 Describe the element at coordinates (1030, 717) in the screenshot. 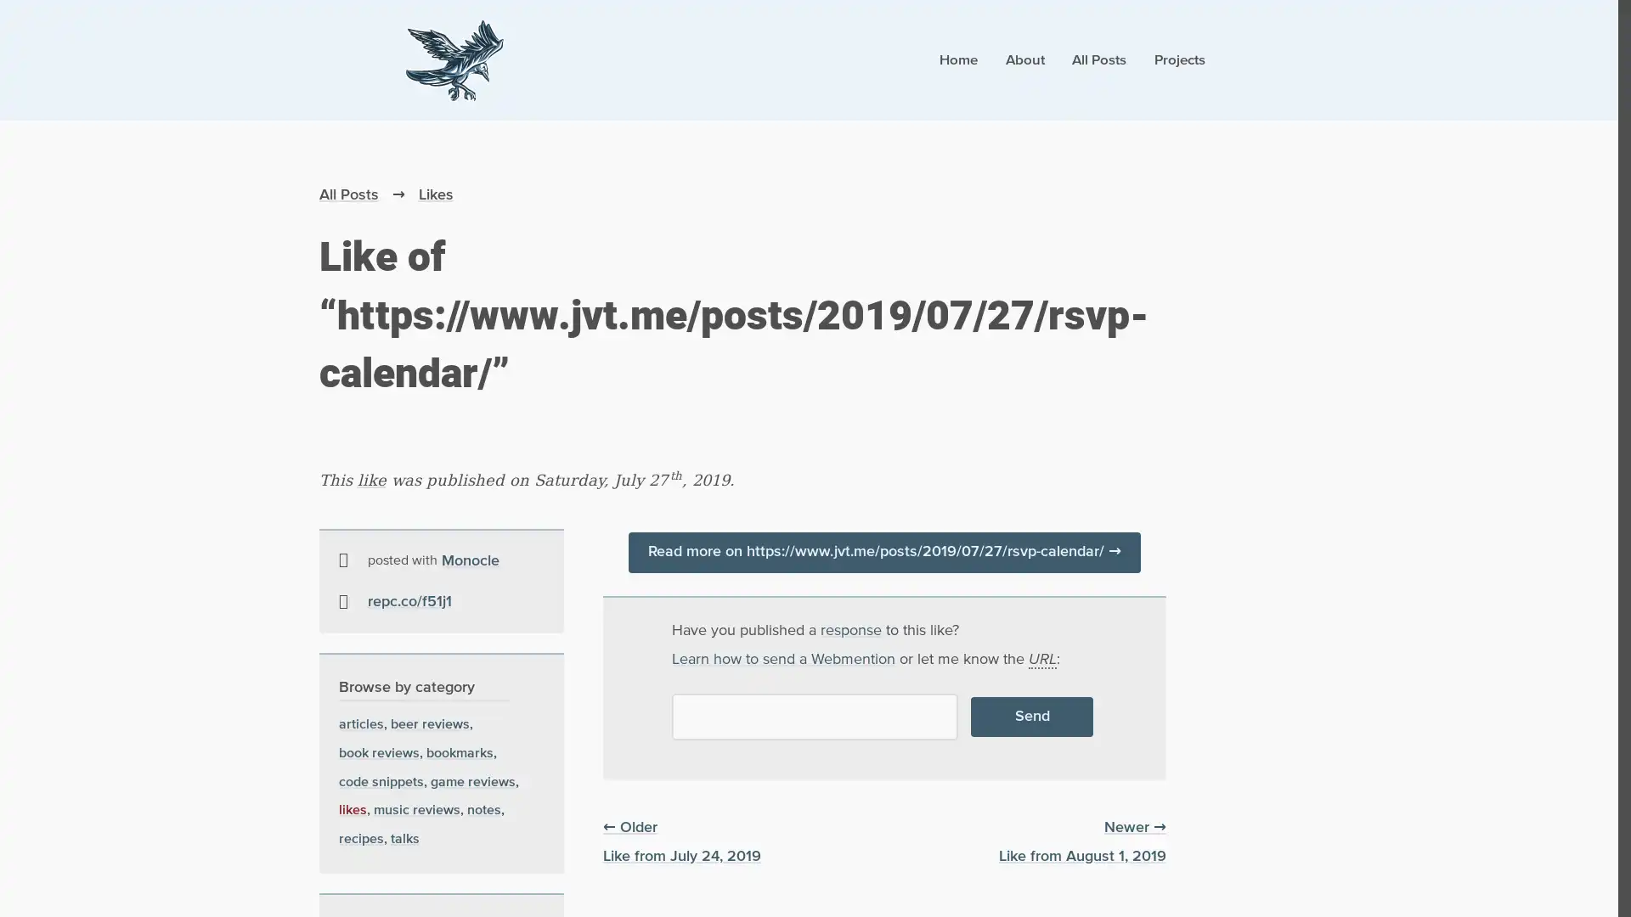

I see `Send` at that location.